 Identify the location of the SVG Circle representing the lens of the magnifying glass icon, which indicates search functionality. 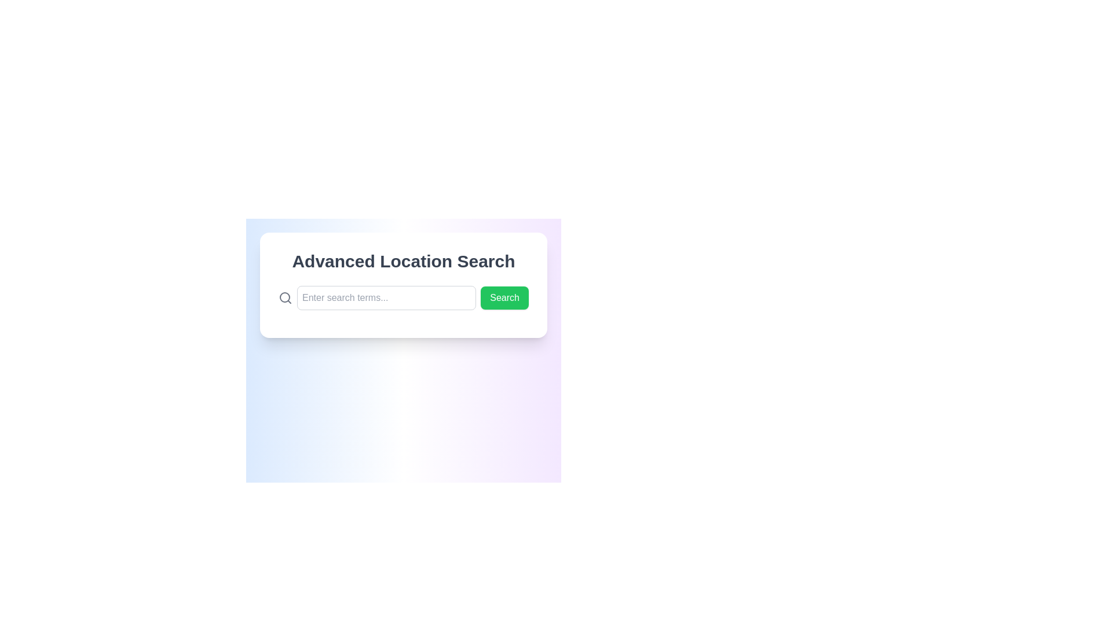
(284, 296).